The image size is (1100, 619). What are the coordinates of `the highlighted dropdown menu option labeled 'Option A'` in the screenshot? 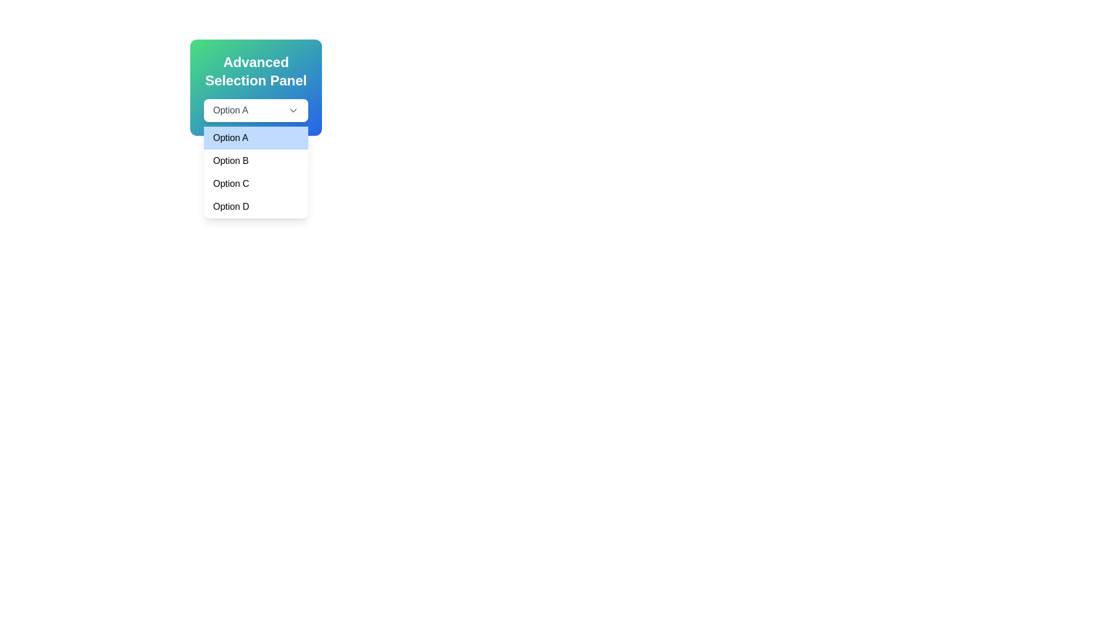 It's located at (255, 137).